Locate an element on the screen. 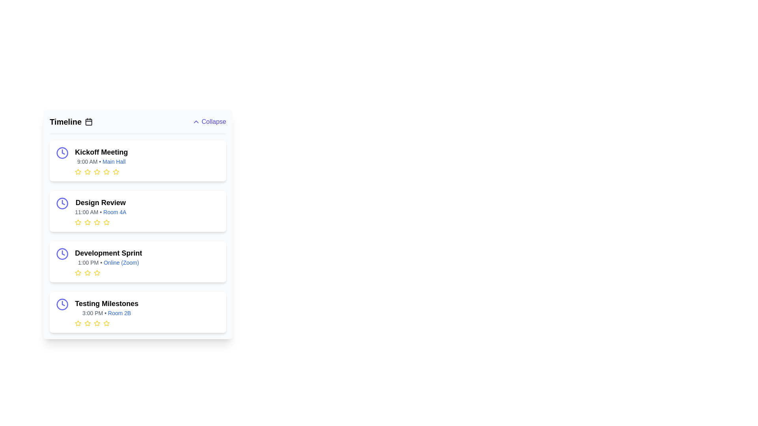 The image size is (758, 426). the fourth star in the rating component below the text 'Testing Milestones 3:00 PM • Room 2B' is located at coordinates (106, 323).